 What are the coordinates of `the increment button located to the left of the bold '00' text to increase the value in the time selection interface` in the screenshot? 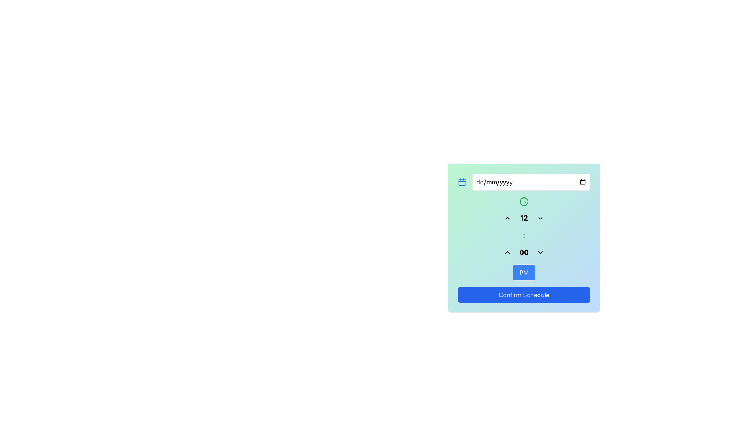 It's located at (508, 252).